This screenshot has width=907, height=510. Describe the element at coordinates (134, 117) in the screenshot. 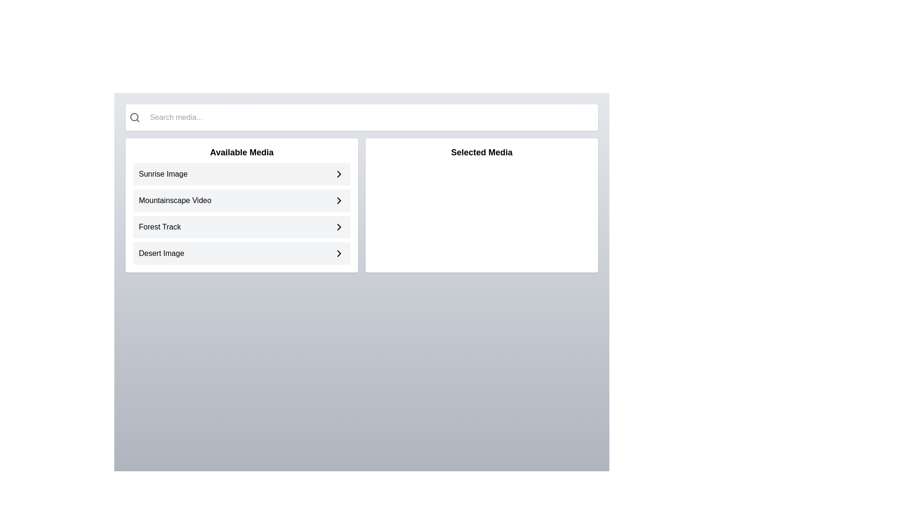

I see `the search icon located on the leftmost side of the search bar to initiate a search operation` at that location.